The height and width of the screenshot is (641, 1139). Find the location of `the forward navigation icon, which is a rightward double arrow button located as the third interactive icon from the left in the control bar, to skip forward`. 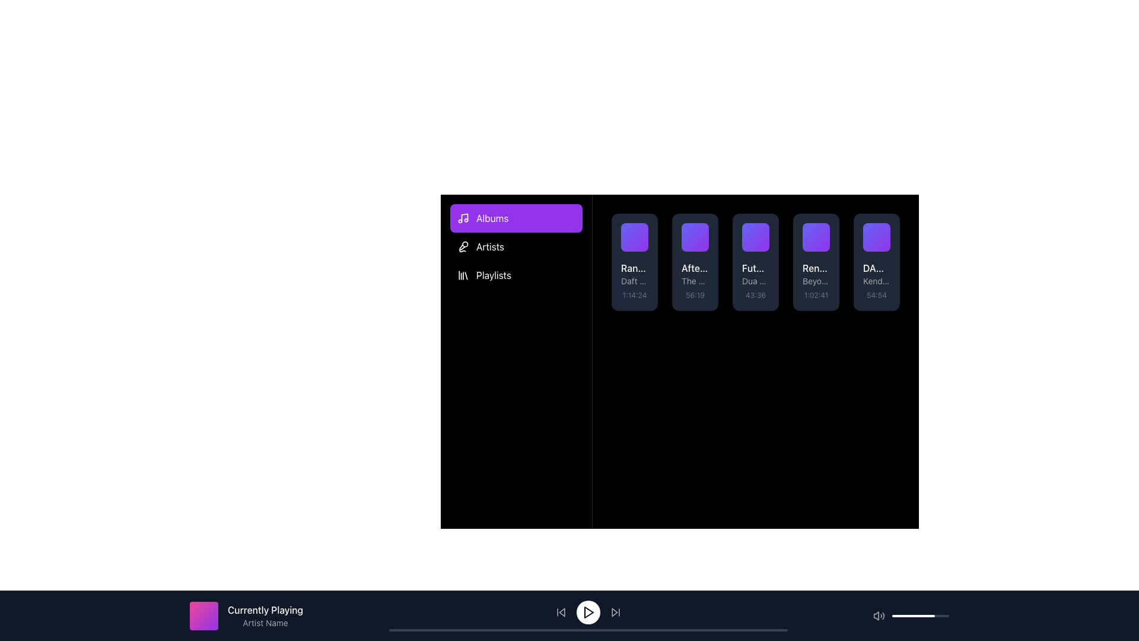

the forward navigation icon, which is a rightward double arrow button located as the third interactive icon from the left in the control bar, to skip forward is located at coordinates (615, 613).